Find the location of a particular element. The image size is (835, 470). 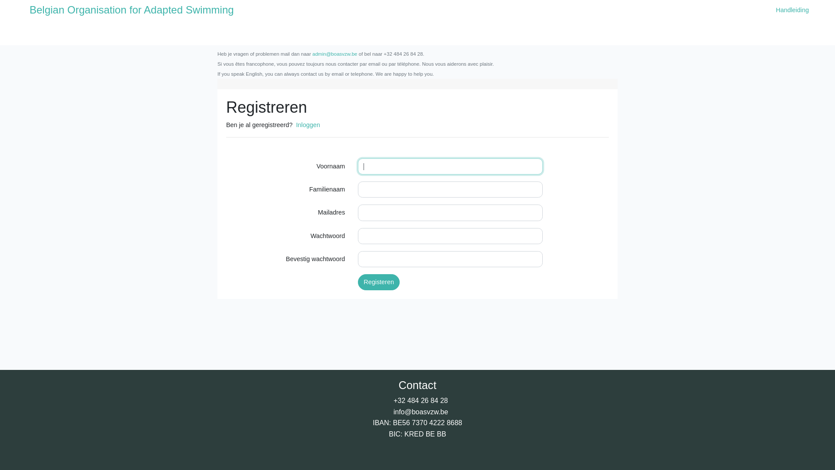

'Inloggen' is located at coordinates (308, 124).